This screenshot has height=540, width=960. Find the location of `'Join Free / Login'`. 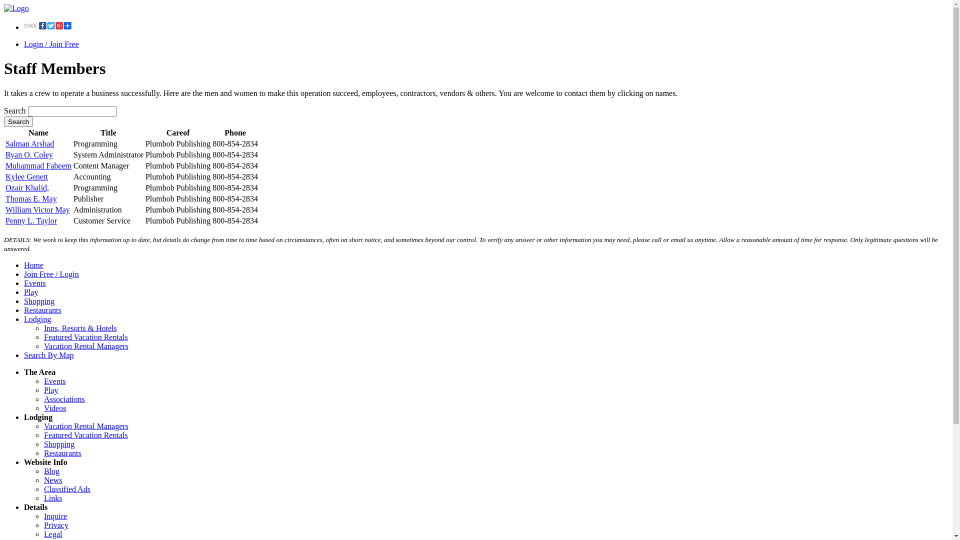

'Join Free / Login' is located at coordinates (24, 274).